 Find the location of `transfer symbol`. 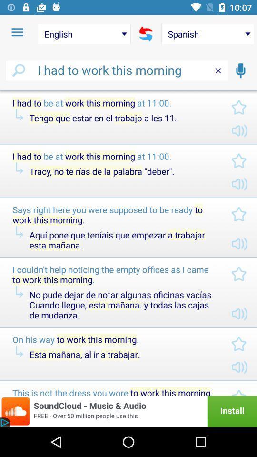

transfer symbol is located at coordinates (146, 34).